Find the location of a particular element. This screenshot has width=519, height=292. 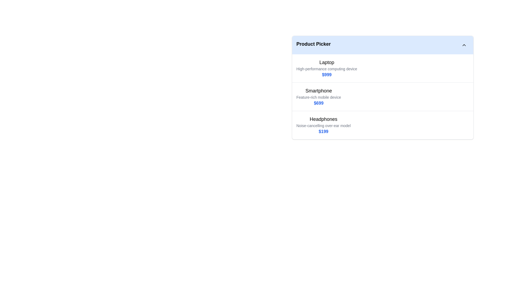

the label displaying 'Smartphone', which is the title text for a product item positioned above the description and price text is located at coordinates (319, 90).